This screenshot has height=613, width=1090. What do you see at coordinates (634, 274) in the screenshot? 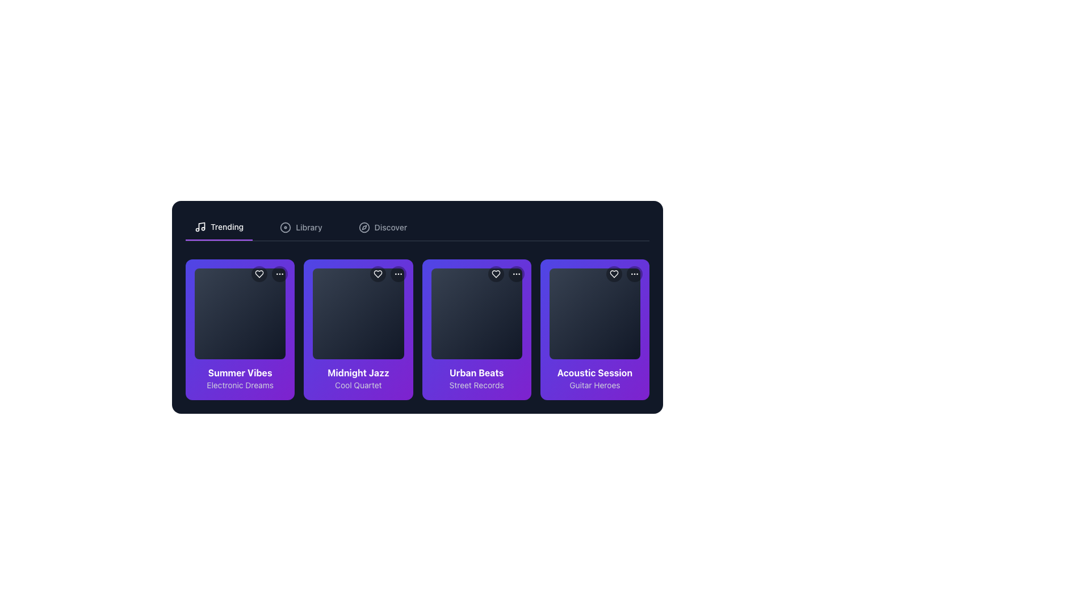
I see `the button located at the top-right corner of the 'Acoustic Session' card` at bounding box center [634, 274].